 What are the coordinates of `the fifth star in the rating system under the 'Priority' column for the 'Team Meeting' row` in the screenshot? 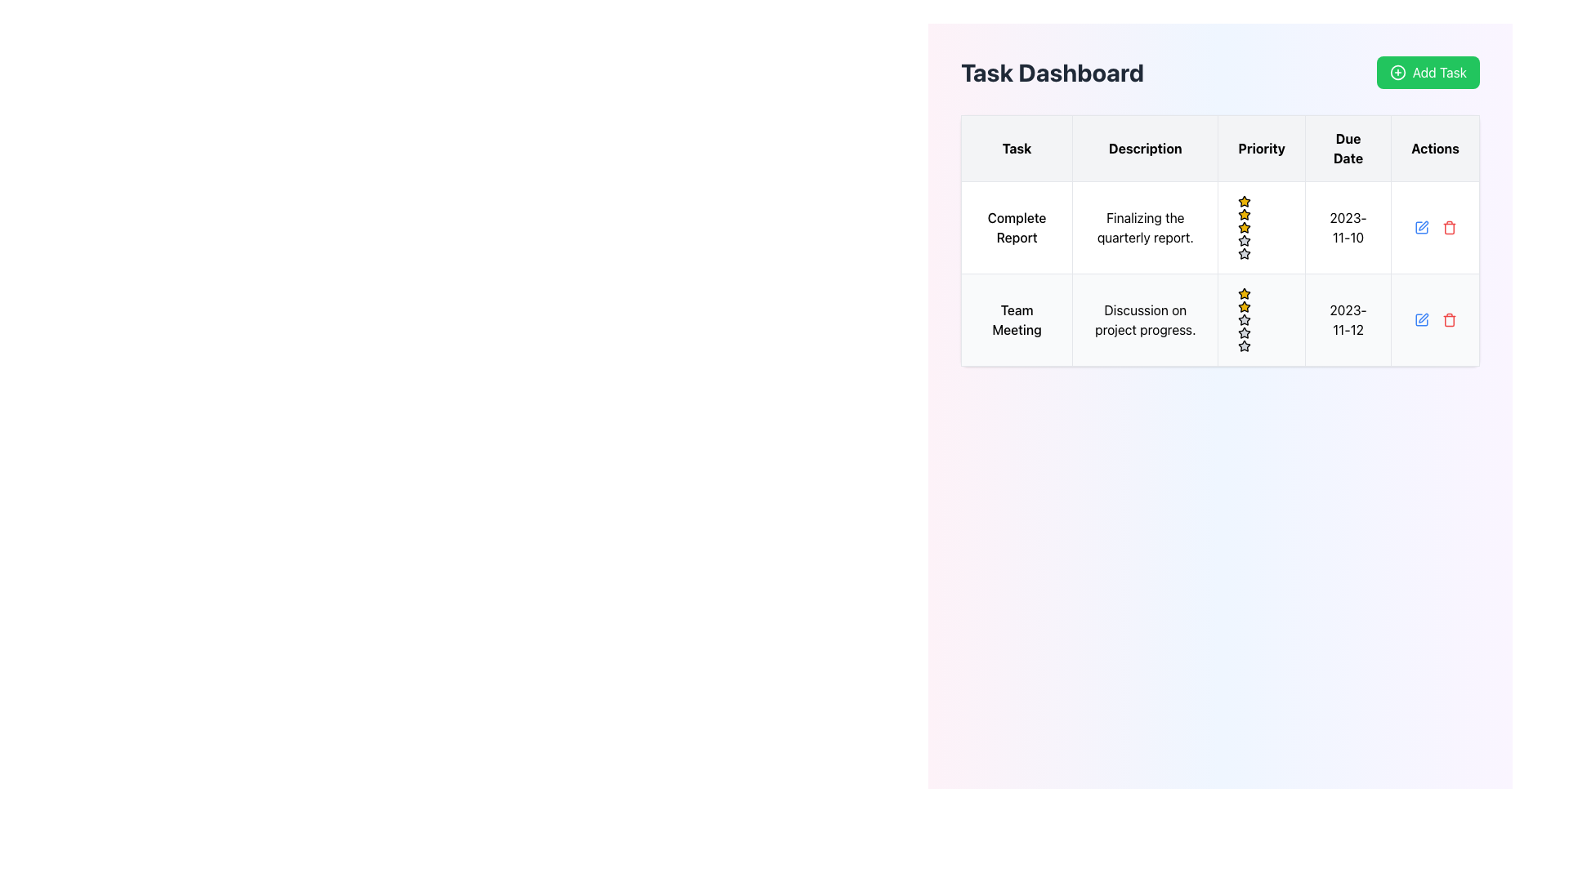 It's located at (1244, 320).